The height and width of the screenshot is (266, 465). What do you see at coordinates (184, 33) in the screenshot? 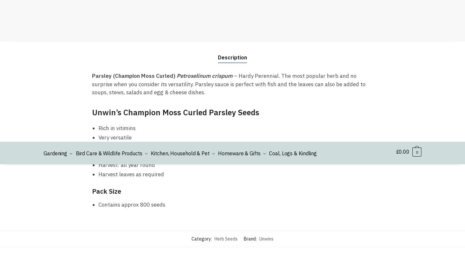
I see `'About Us'` at bounding box center [184, 33].